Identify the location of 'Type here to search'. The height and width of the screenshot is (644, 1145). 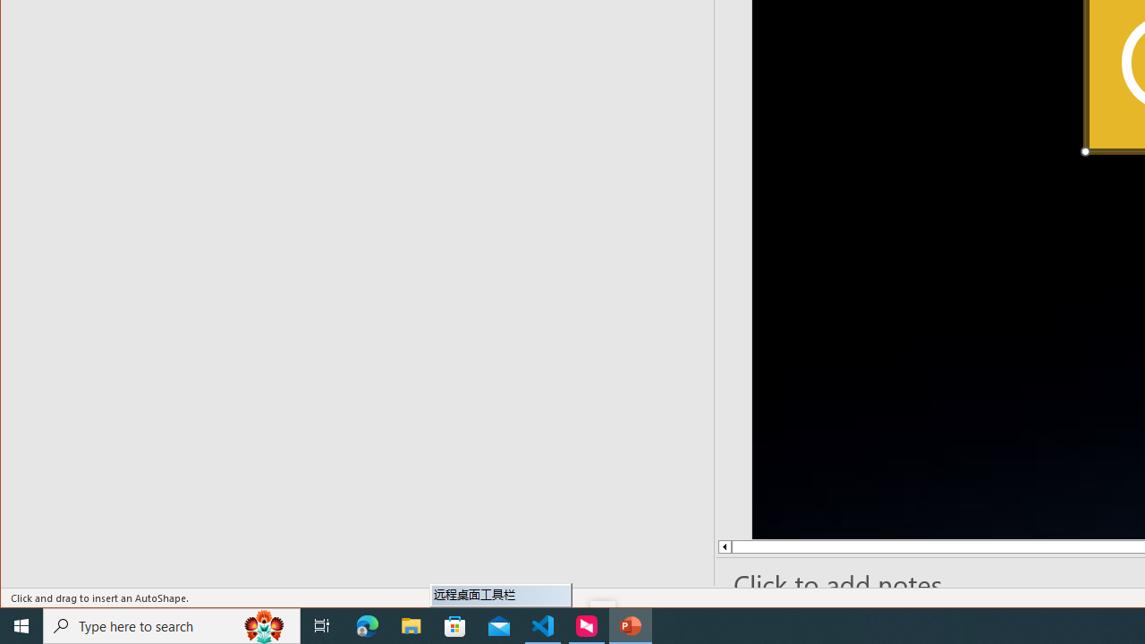
(172, 624).